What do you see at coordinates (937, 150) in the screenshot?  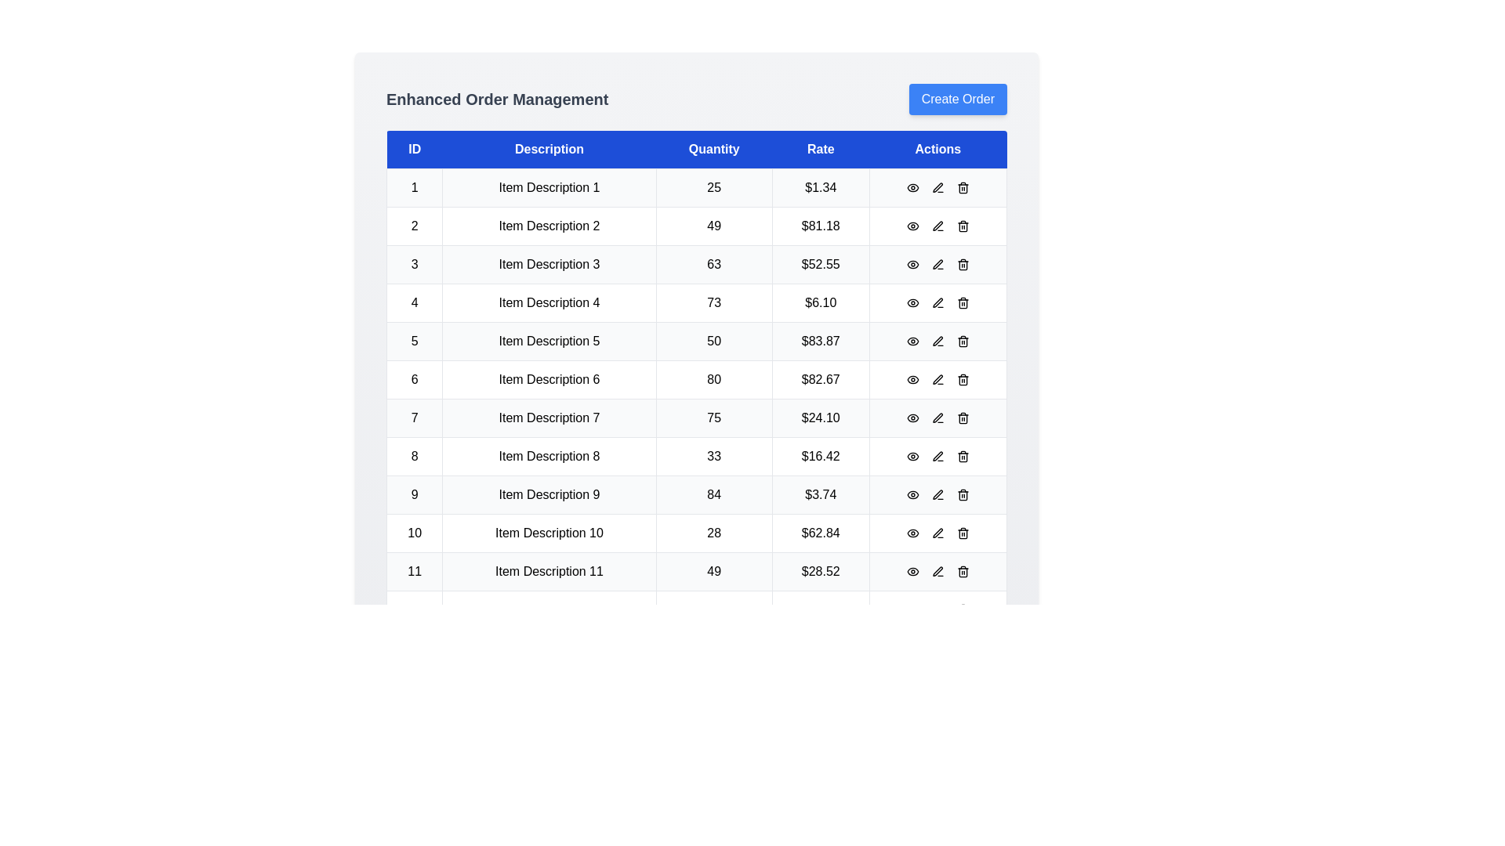 I see `the header labeled Actions to sort the table by that column` at bounding box center [937, 150].